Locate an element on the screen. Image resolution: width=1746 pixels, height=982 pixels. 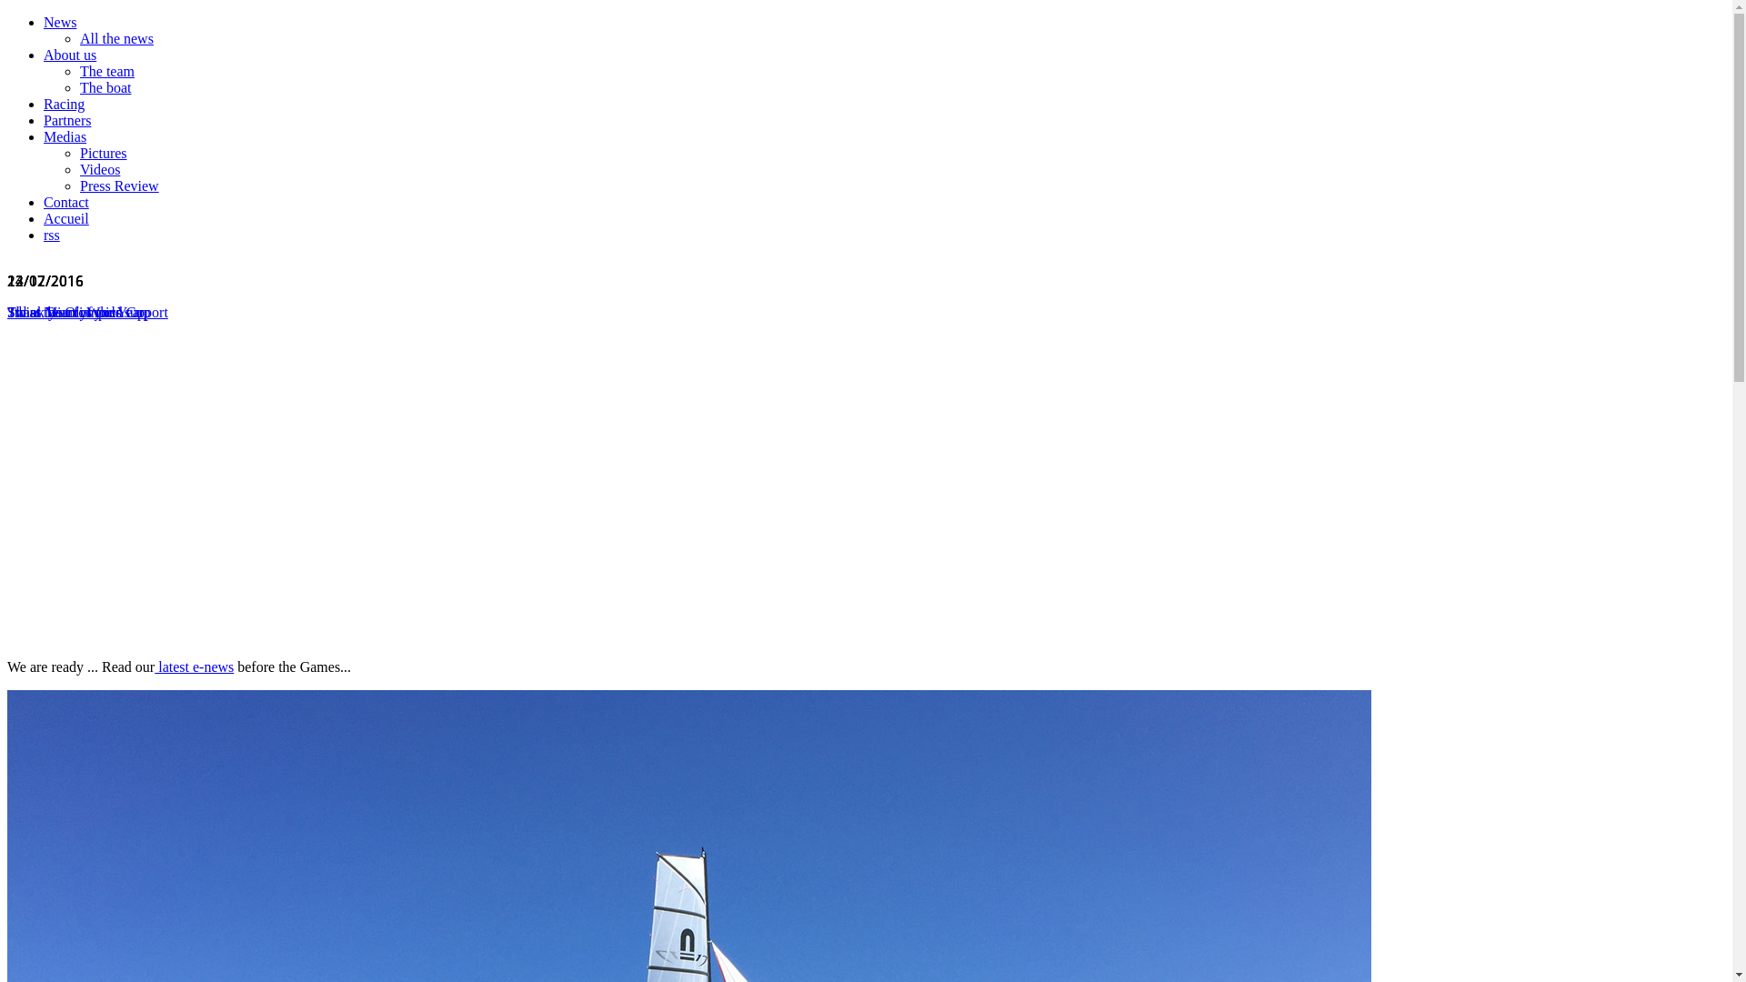
'Partners' is located at coordinates (44, 120).